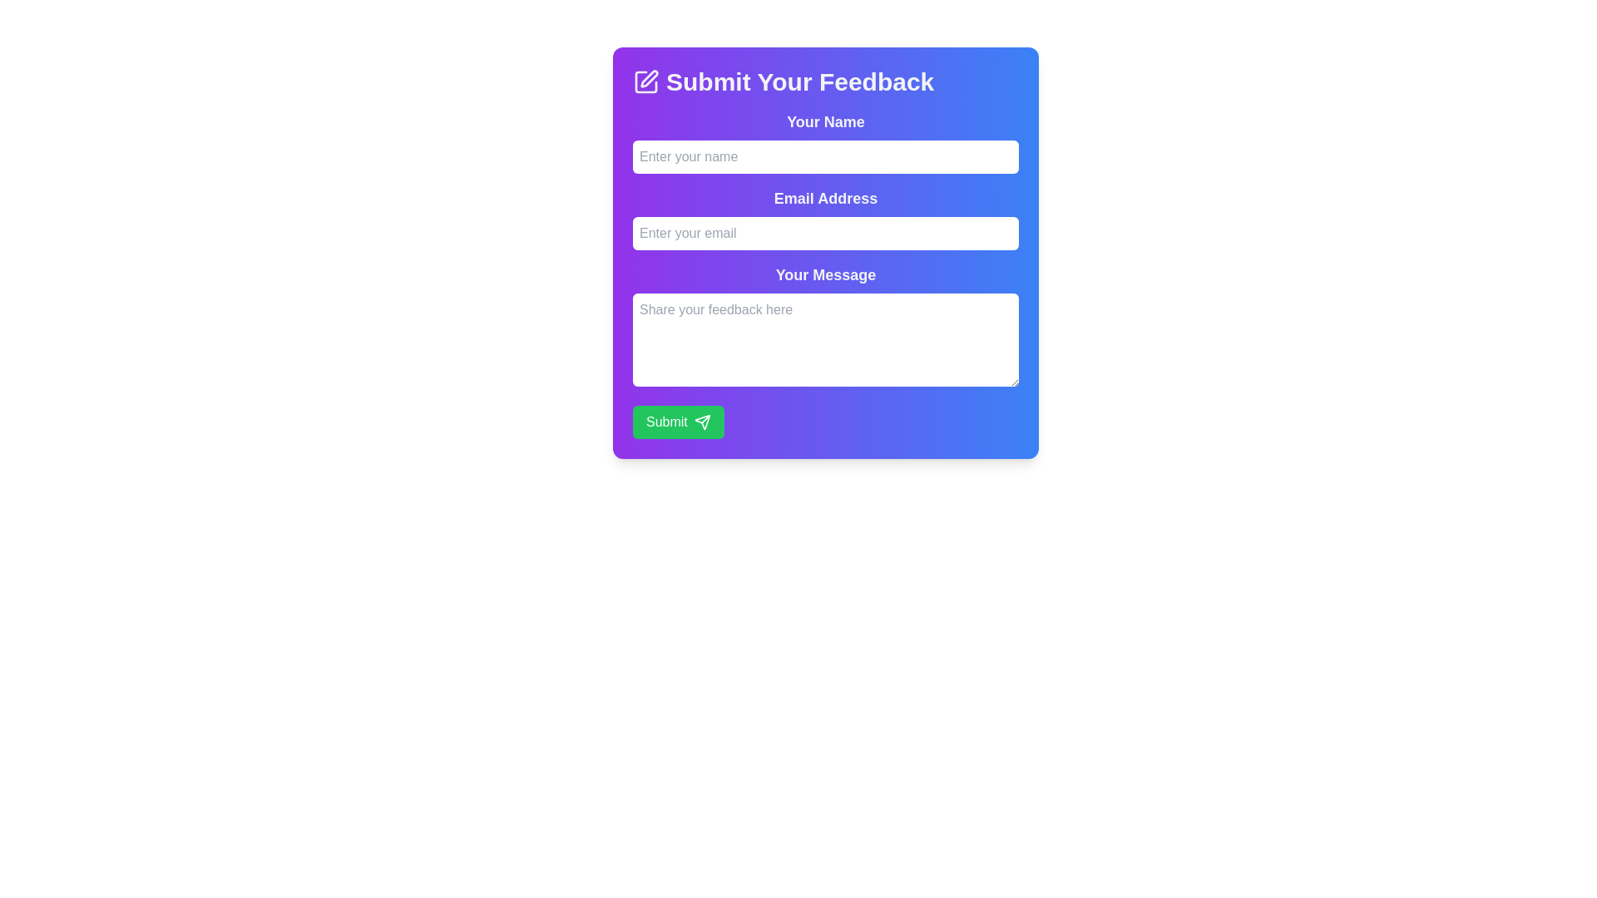  Describe the element at coordinates (649, 79) in the screenshot. I see `the segment of the pen icon located in the top-left corner of the feedback form's header` at that location.